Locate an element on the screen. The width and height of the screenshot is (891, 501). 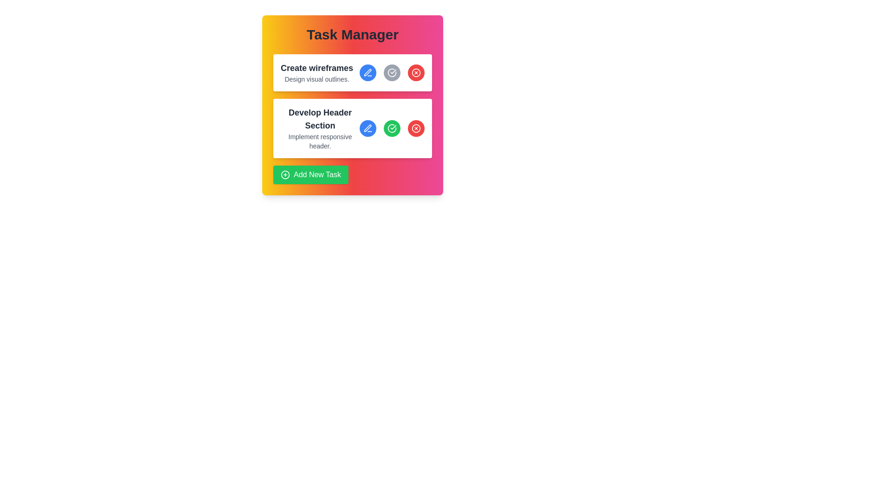
the central circular shape in the 'Add New Task' button located at the bottom of the 'Task Manager' section is located at coordinates (284, 175).